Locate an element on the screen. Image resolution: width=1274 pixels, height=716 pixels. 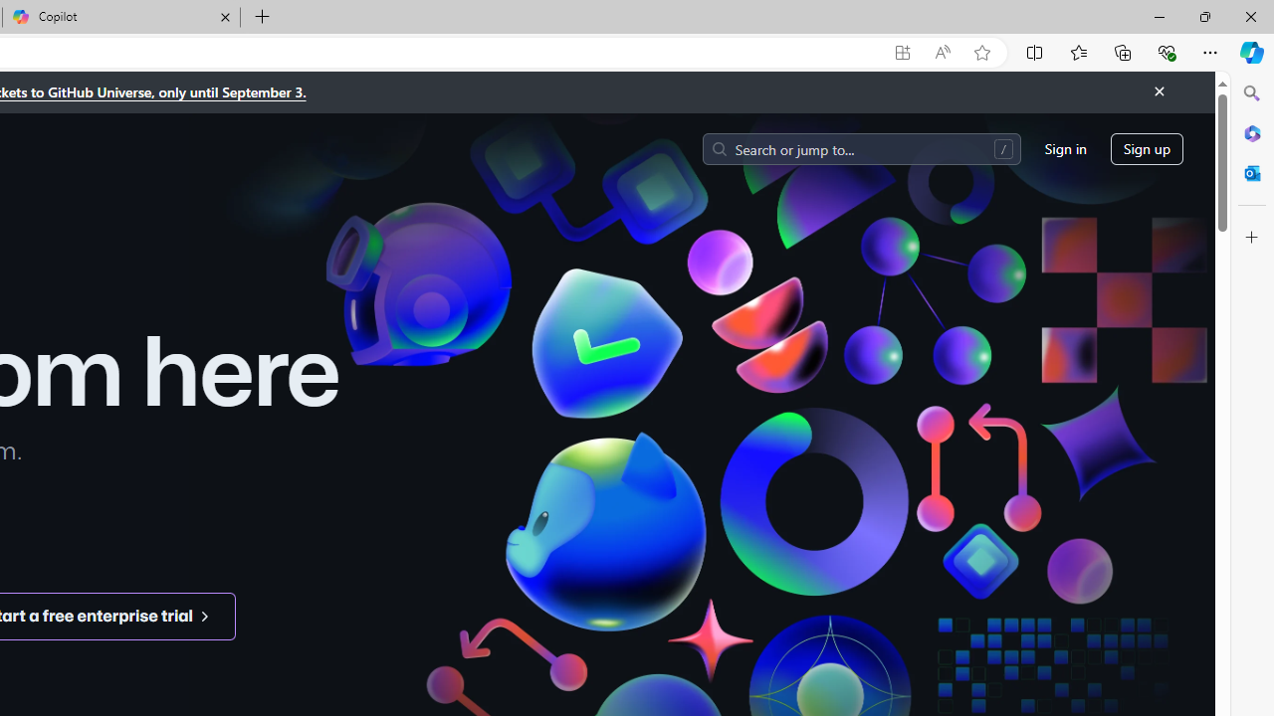
'Class: octicon arrow-symbol-mktg' is located at coordinates (204, 615).